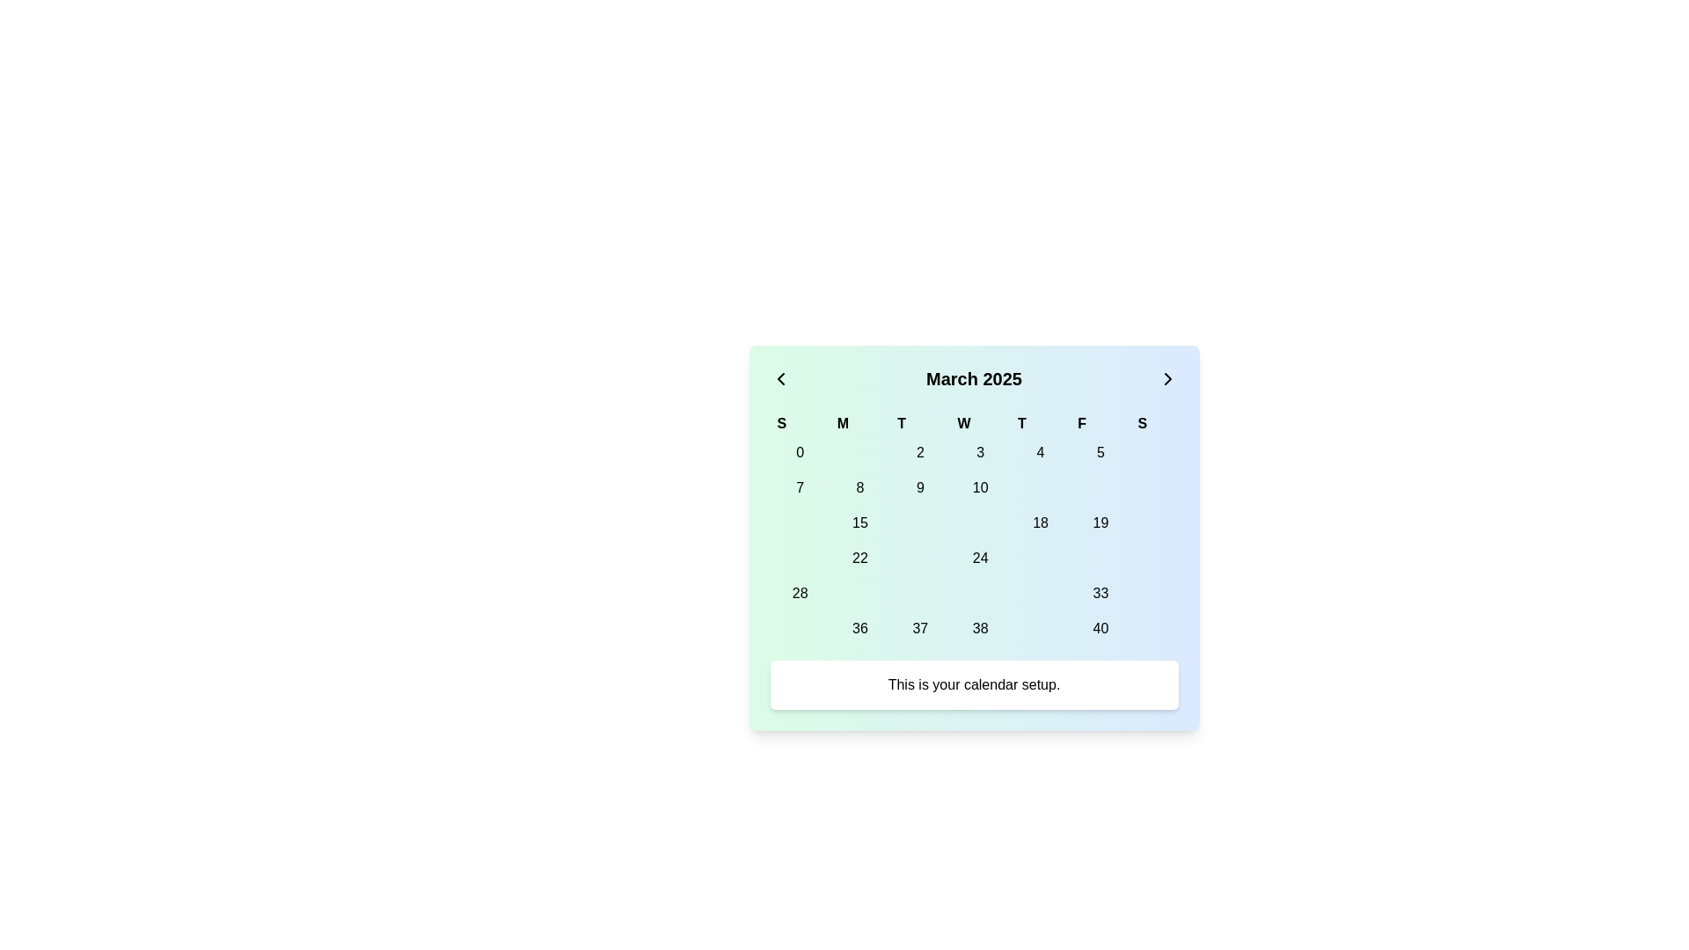 This screenshot has height=950, width=1689. I want to click on the static text displaying the date '10' in the calendar interface, which is the fourth item in the row for Wednesday, so click(979, 488).